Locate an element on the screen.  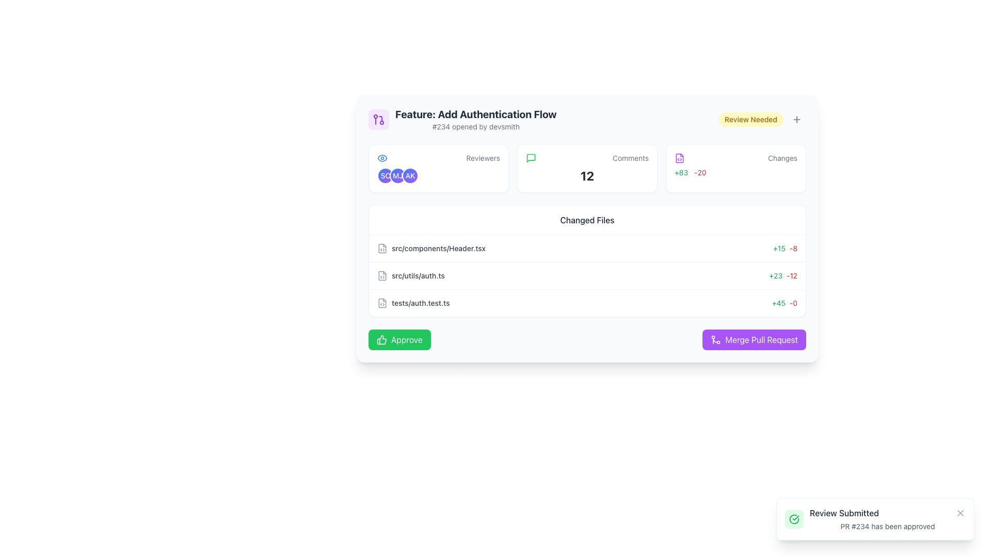
the vector icon representing the code file located next to the list item 'tests/auth.test.ts' is located at coordinates (381, 302).